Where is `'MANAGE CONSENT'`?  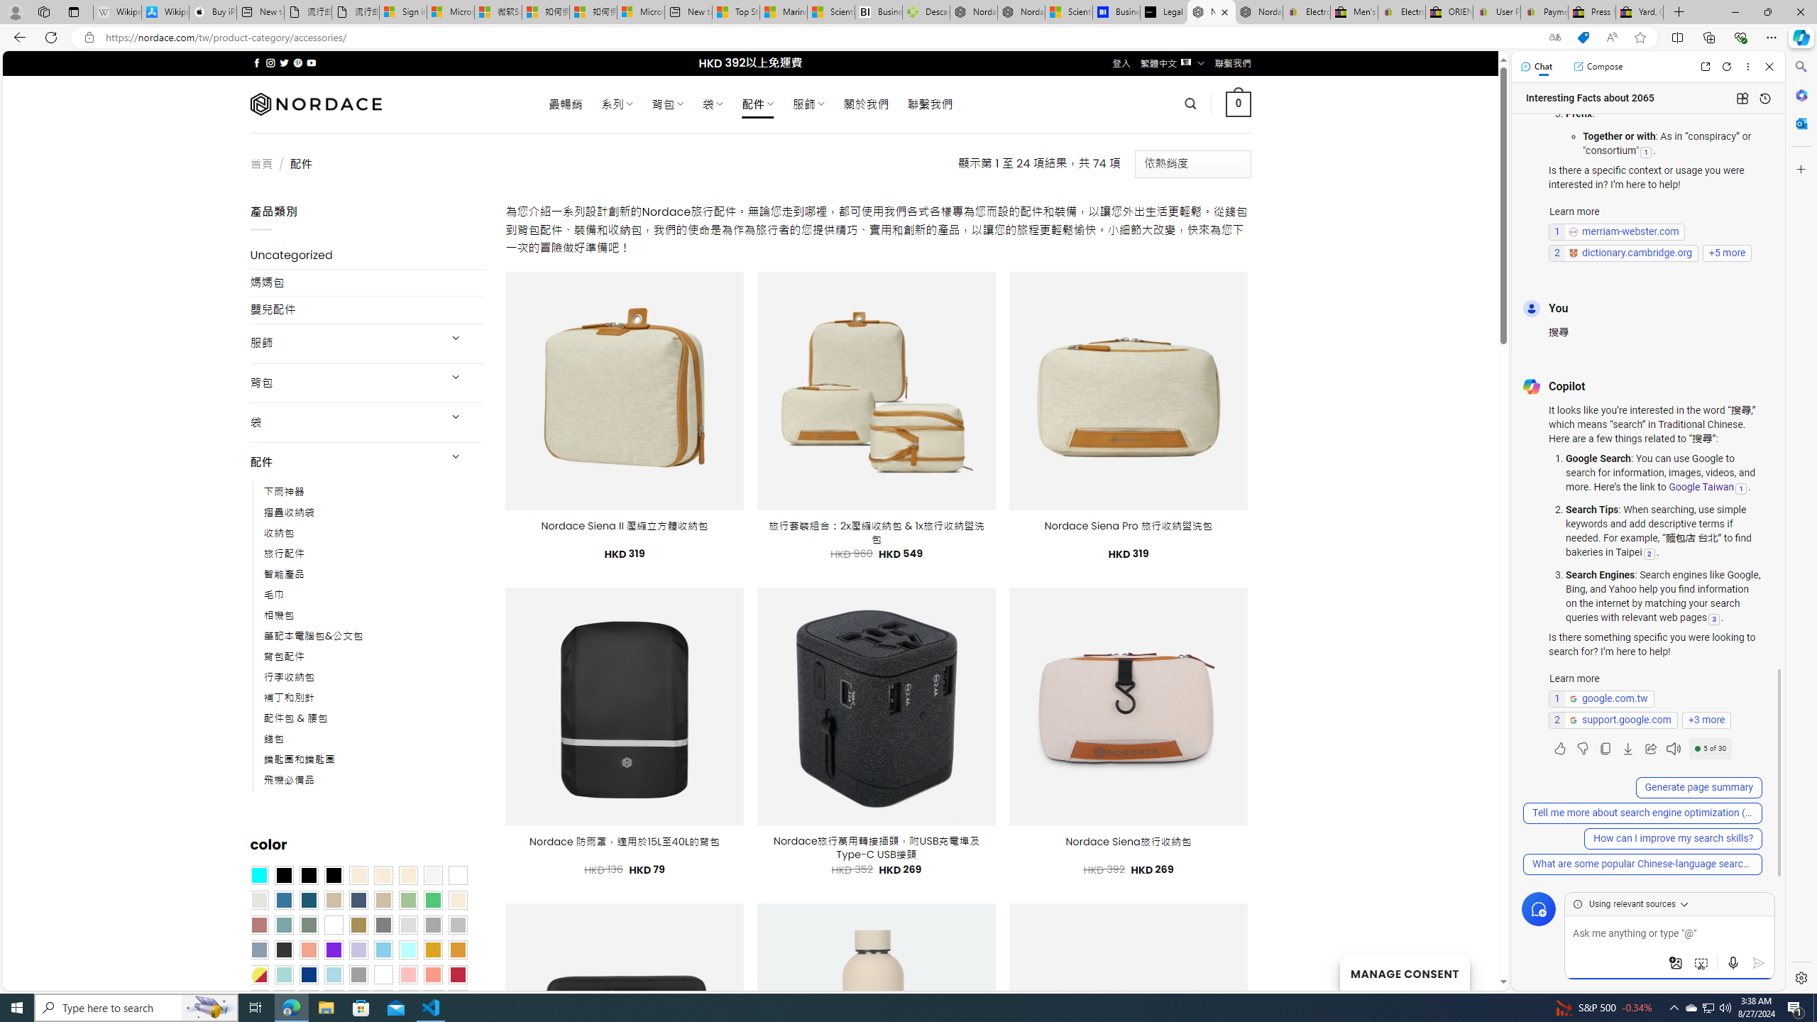
'MANAGE CONSENT' is located at coordinates (1403, 972).